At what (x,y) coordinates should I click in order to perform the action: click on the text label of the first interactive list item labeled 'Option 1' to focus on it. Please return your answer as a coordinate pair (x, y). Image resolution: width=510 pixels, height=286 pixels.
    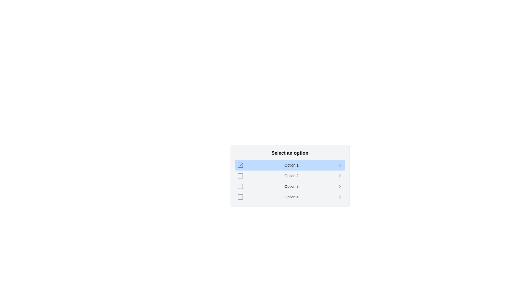
    Looking at the image, I should click on (290, 165).